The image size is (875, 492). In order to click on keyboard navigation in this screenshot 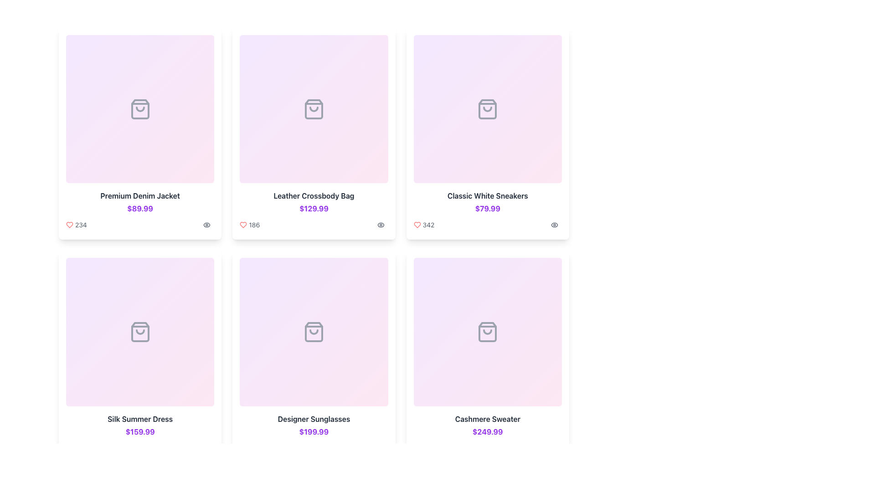, I will do `click(487, 332)`.